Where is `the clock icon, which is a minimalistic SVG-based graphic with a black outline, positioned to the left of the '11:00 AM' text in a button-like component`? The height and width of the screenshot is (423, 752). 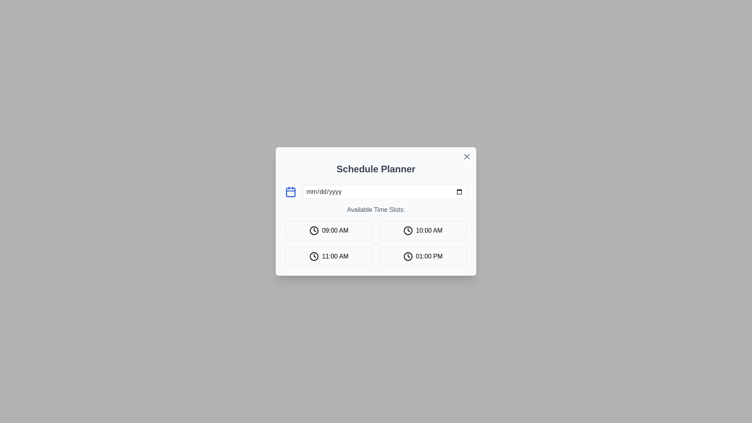
the clock icon, which is a minimalistic SVG-based graphic with a black outline, positioned to the left of the '11:00 AM' text in a button-like component is located at coordinates (314, 257).